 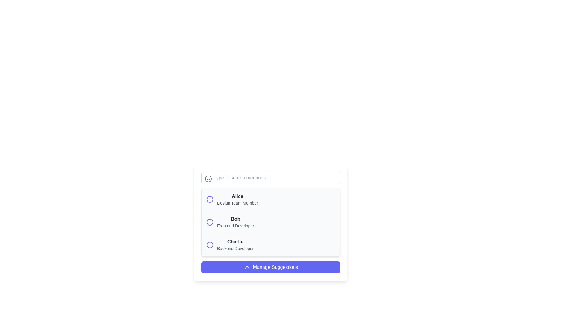 I want to click on the circular indigo blue icon with a plus-style design located to the left of the list item containing 'Charlie' and 'Backend Developer', so click(x=210, y=245).